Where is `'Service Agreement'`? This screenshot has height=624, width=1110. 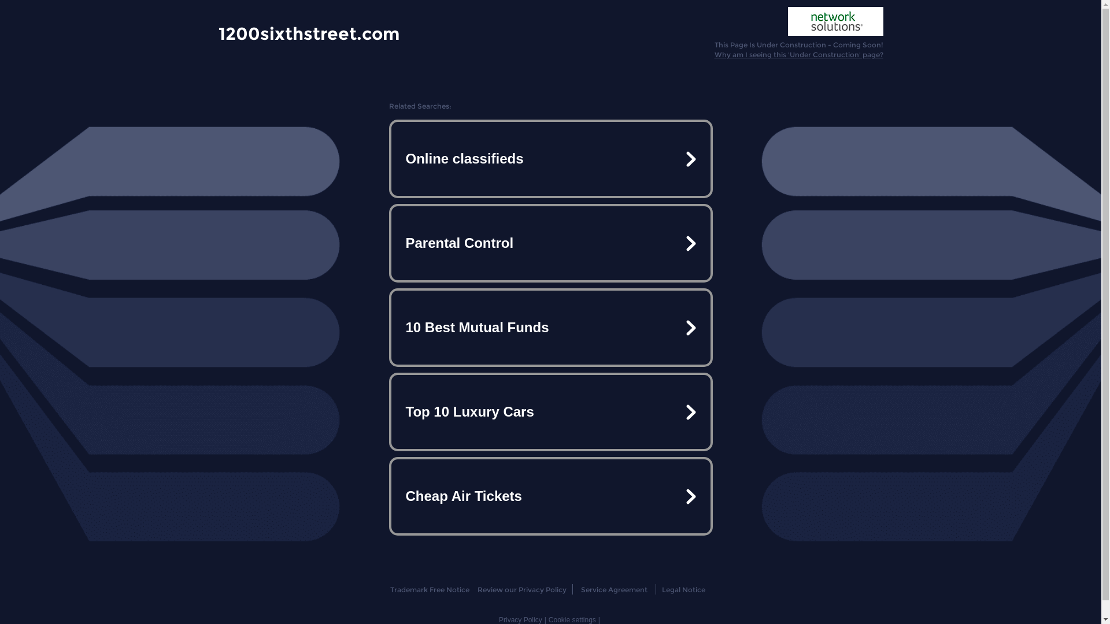 'Service Agreement' is located at coordinates (580, 589).